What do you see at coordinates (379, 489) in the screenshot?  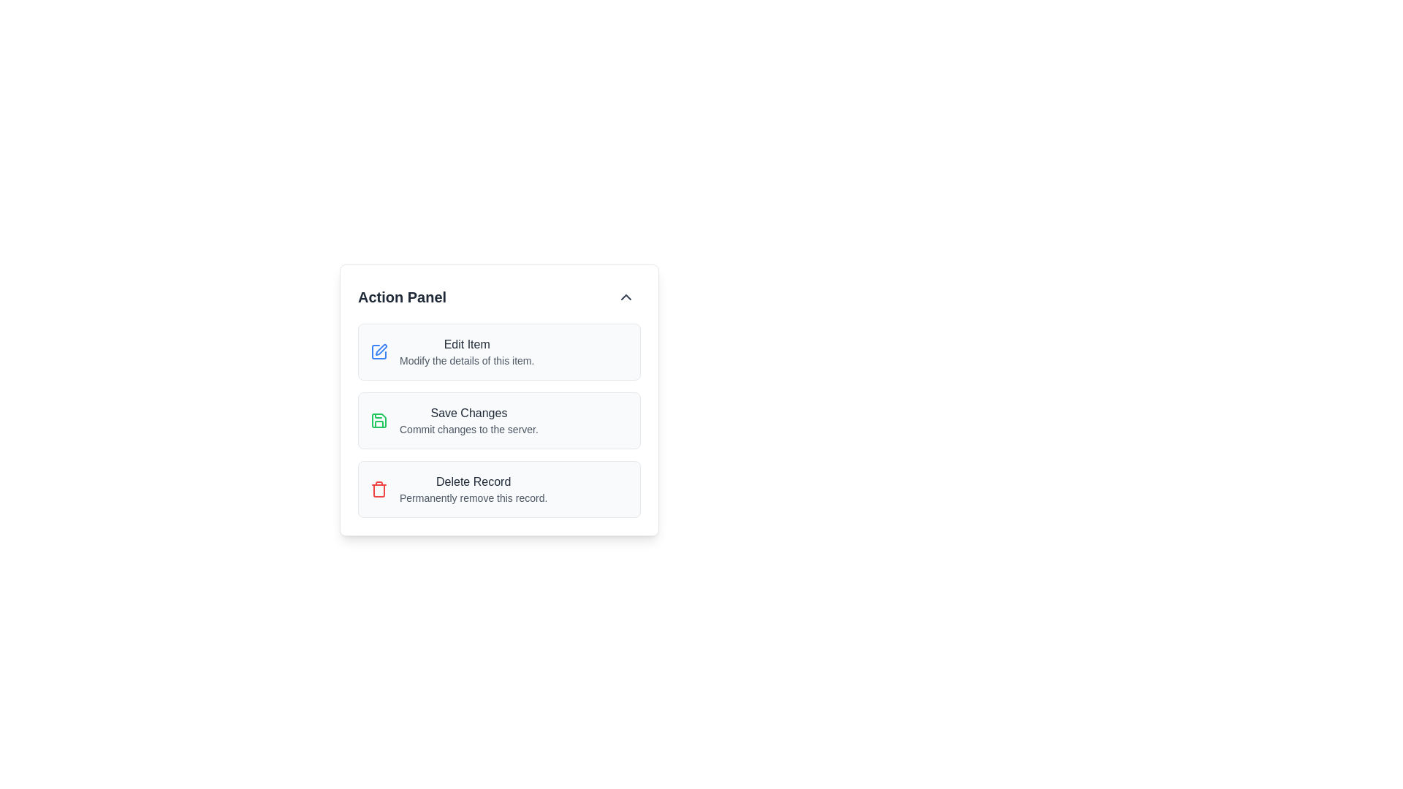 I see `the red trash can icon located in the bottom section of the Action Panel widget` at bounding box center [379, 489].